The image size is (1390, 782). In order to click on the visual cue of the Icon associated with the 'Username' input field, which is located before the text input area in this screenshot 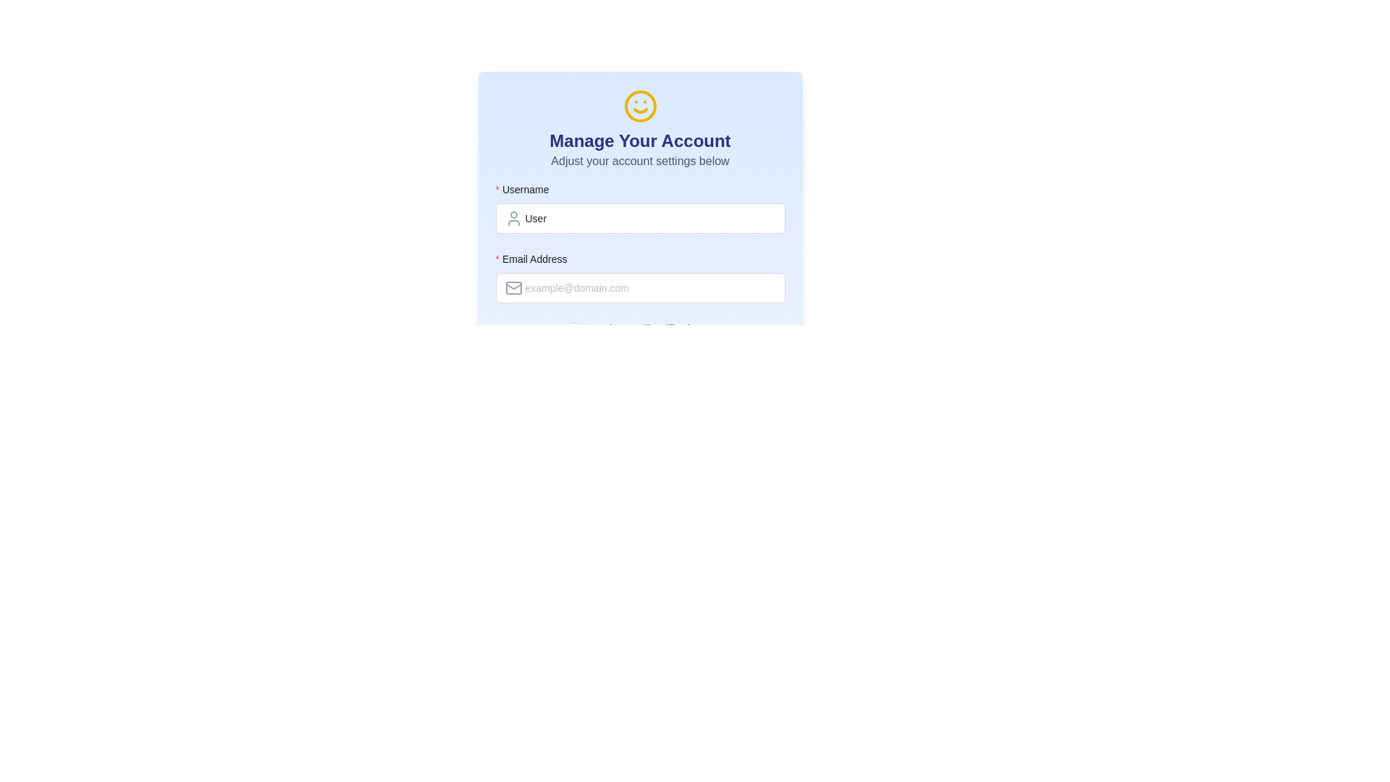, I will do `click(513, 218)`.